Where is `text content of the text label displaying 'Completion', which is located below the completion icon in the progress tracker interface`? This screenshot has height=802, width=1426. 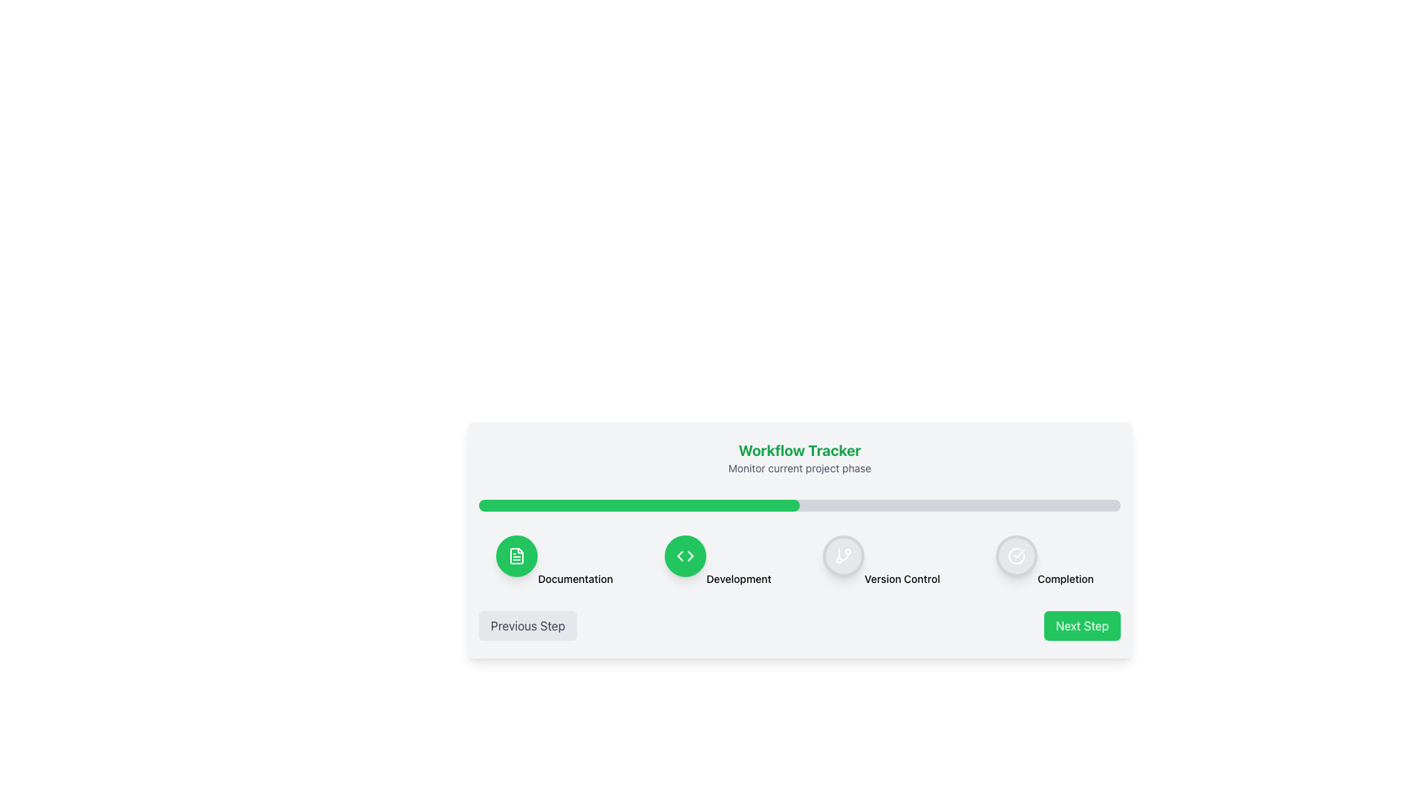
text content of the text label displaying 'Completion', which is located below the completion icon in the progress tracker interface is located at coordinates (1065, 578).